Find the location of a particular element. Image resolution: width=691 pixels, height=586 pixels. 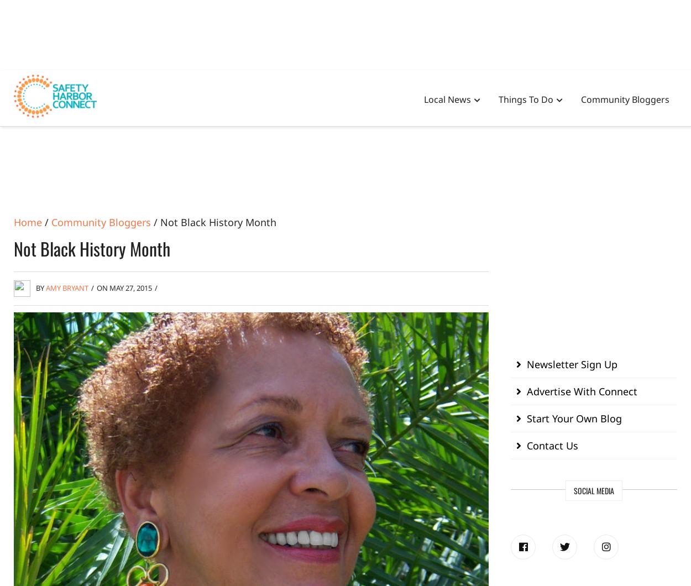

'Advertise With Connect' is located at coordinates (582, 390).